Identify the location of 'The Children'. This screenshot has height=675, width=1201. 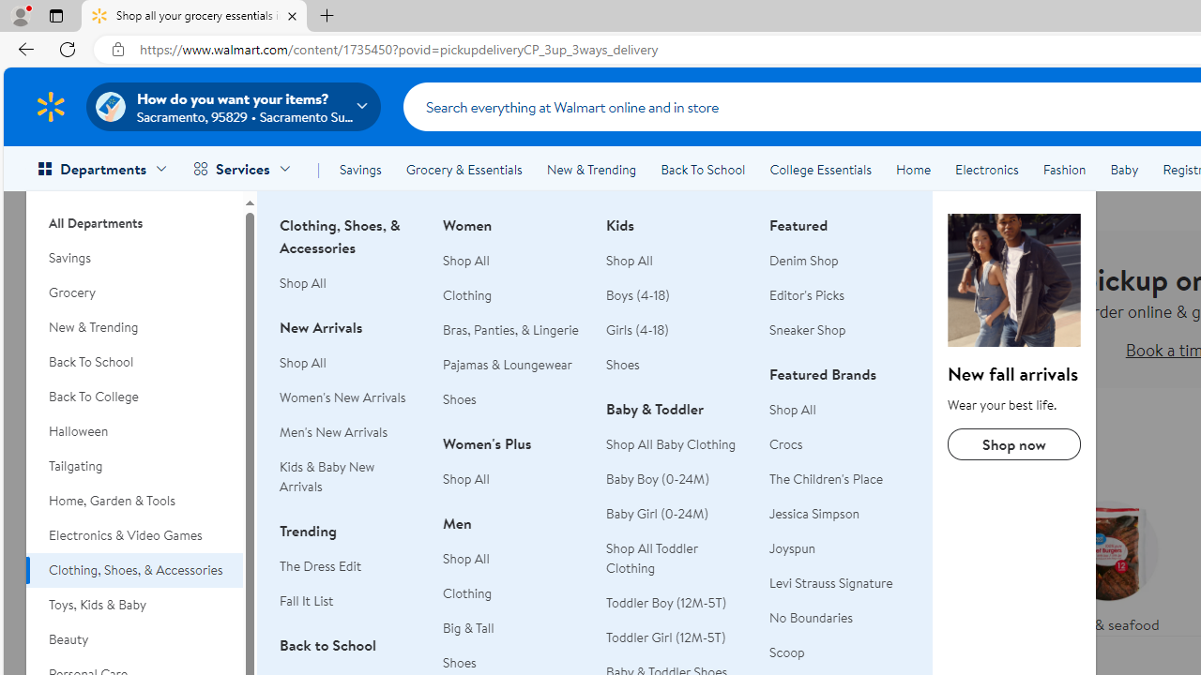
(826, 478).